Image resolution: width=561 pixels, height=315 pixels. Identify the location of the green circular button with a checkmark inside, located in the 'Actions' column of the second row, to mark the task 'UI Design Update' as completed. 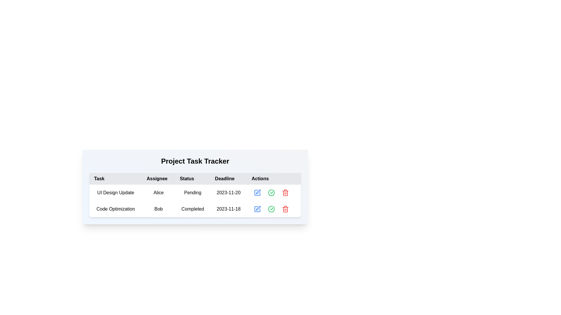
(271, 192).